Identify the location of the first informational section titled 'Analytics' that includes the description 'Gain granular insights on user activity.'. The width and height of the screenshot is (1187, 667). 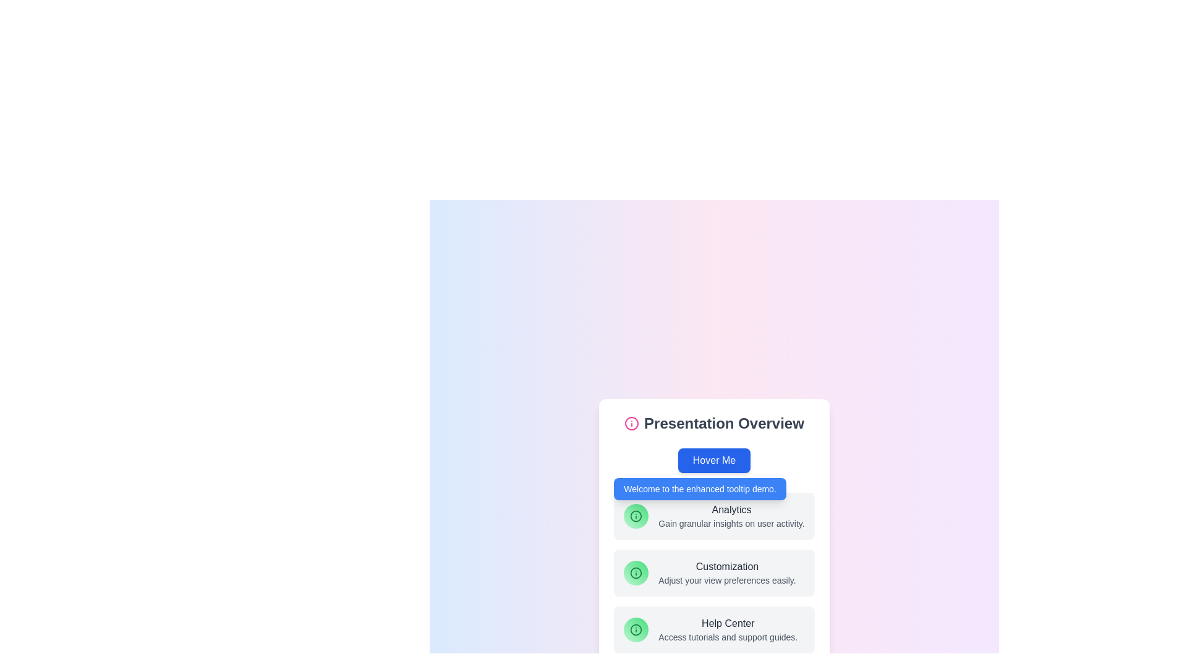
(714, 516).